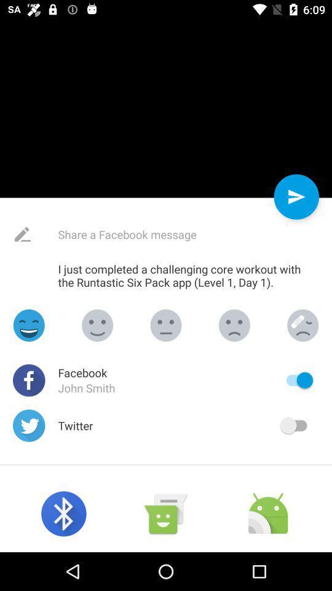 This screenshot has width=332, height=591. Describe the element at coordinates (296, 425) in the screenshot. I see `sharing on twitter` at that location.